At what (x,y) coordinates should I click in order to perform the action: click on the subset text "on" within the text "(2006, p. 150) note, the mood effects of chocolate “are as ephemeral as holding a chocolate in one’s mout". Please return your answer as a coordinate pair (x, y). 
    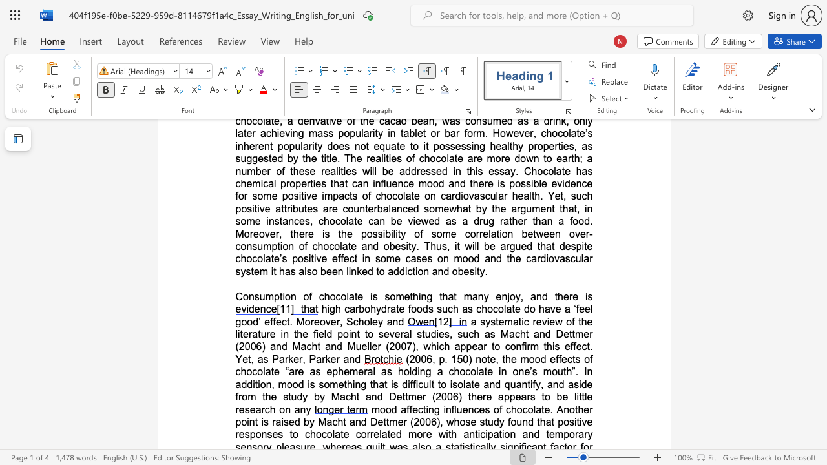
    Looking at the image, I should click on (512, 371).